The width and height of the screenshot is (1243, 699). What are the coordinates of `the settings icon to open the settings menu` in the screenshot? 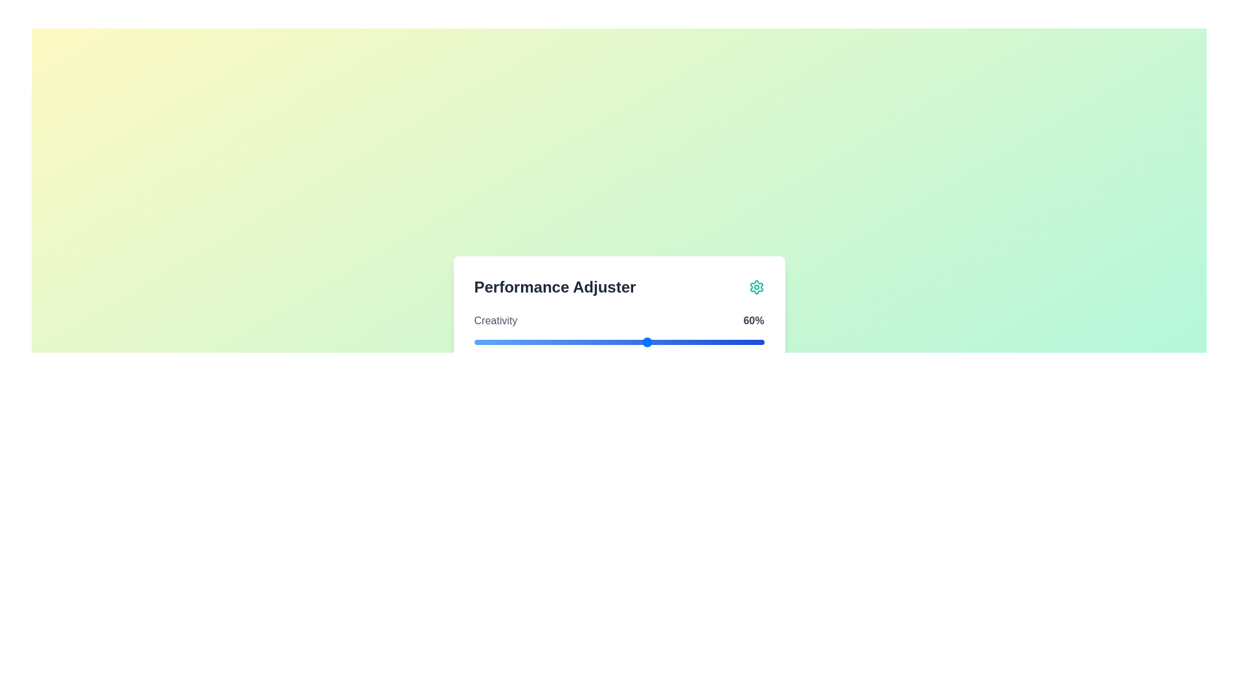 It's located at (756, 286).